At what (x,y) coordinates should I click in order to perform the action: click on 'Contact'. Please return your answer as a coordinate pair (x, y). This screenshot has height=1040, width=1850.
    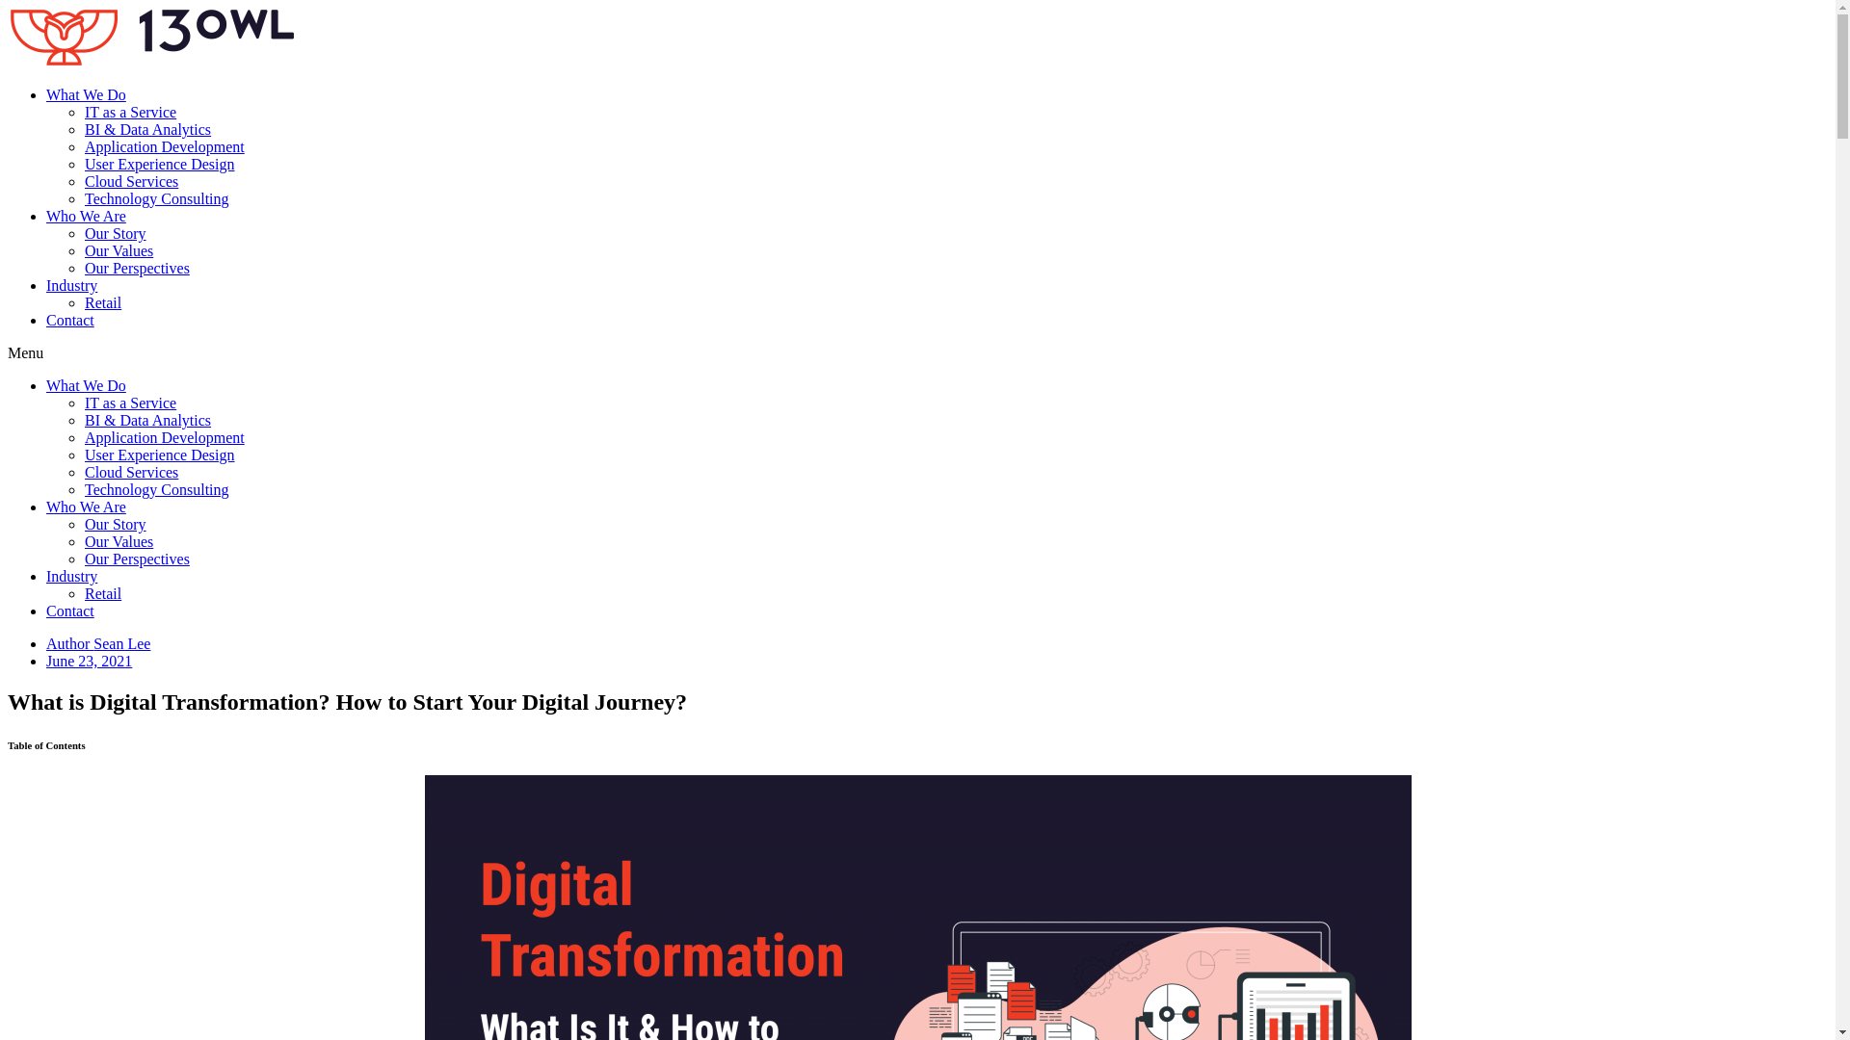
    Looking at the image, I should click on (46, 319).